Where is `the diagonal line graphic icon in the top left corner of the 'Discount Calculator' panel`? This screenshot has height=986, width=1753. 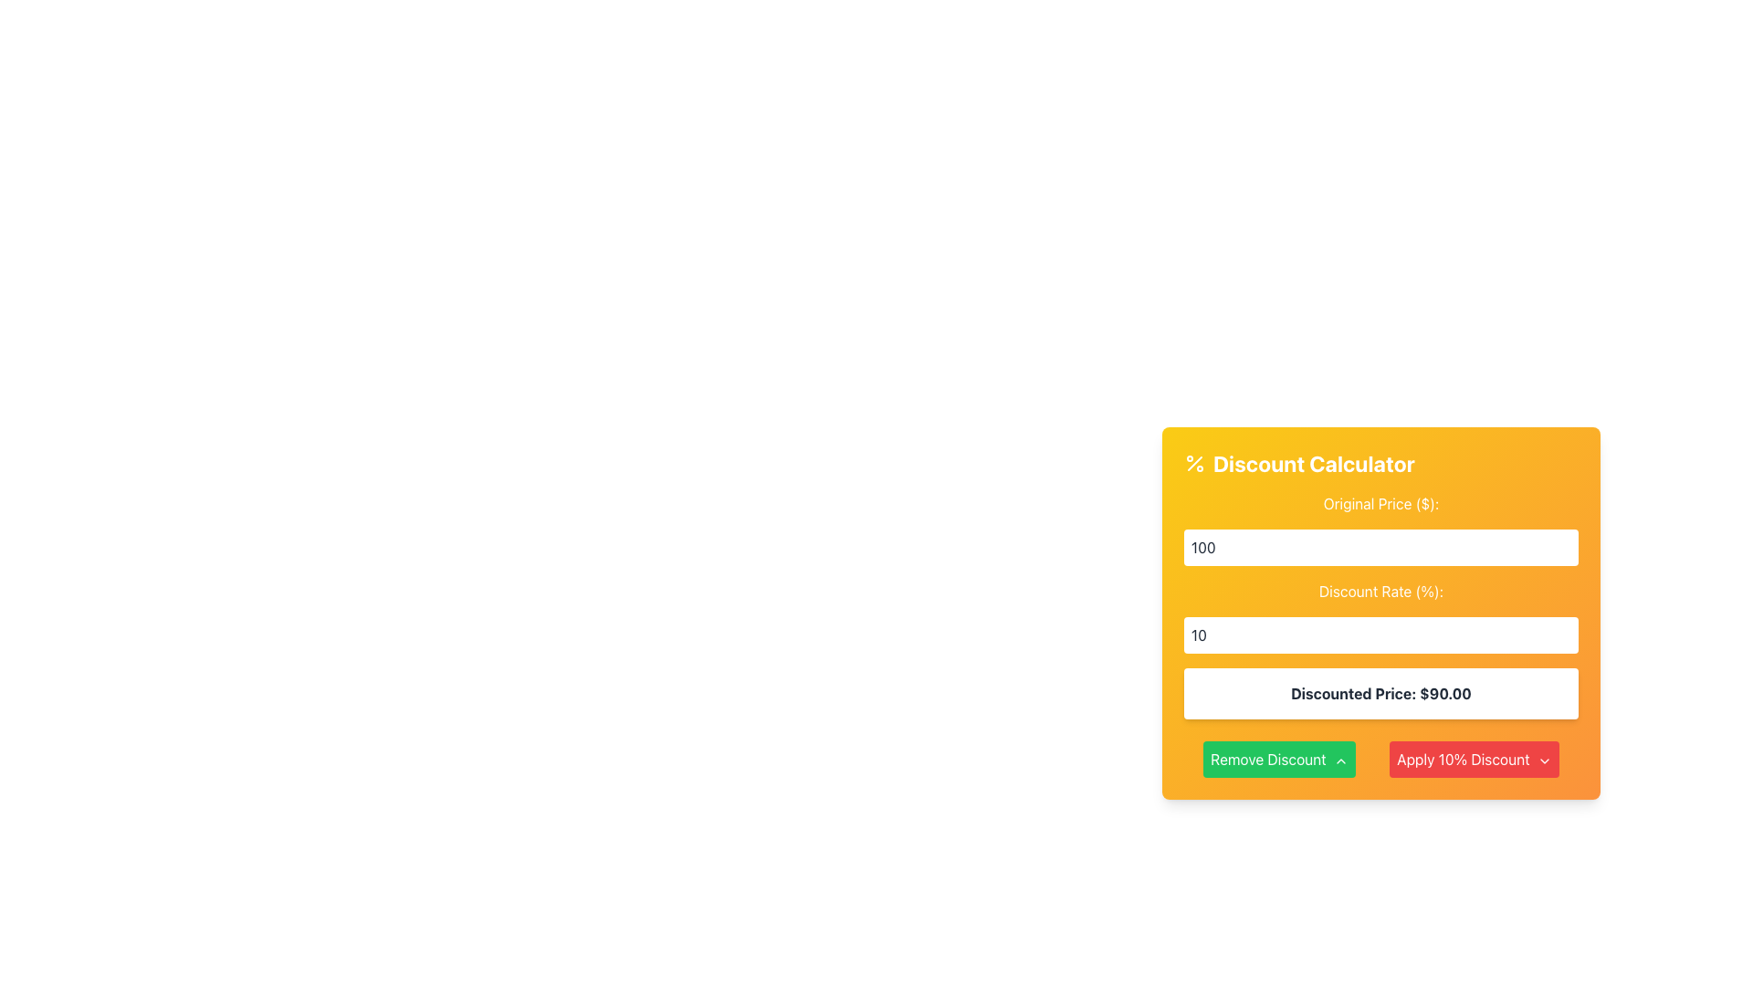 the diagonal line graphic icon in the top left corner of the 'Discount Calculator' panel is located at coordinates (1195, 463).